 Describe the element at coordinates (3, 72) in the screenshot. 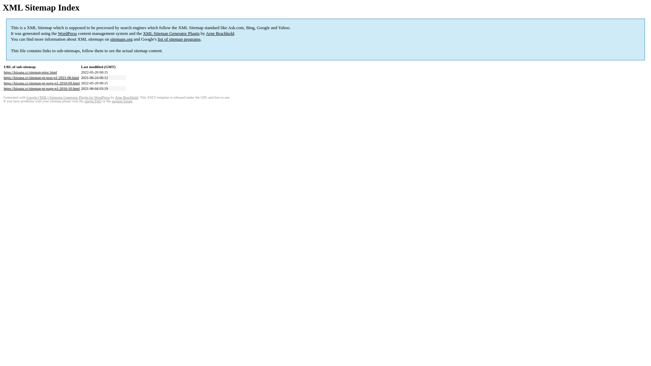

I see `'https://kizuna.cc/sitemap-misc.html'` at that location.